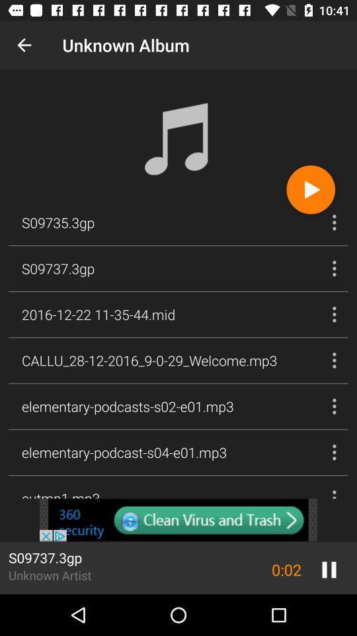  Describe the element at coordinates (178, 520) in the screenshot. I see `as` at that location.